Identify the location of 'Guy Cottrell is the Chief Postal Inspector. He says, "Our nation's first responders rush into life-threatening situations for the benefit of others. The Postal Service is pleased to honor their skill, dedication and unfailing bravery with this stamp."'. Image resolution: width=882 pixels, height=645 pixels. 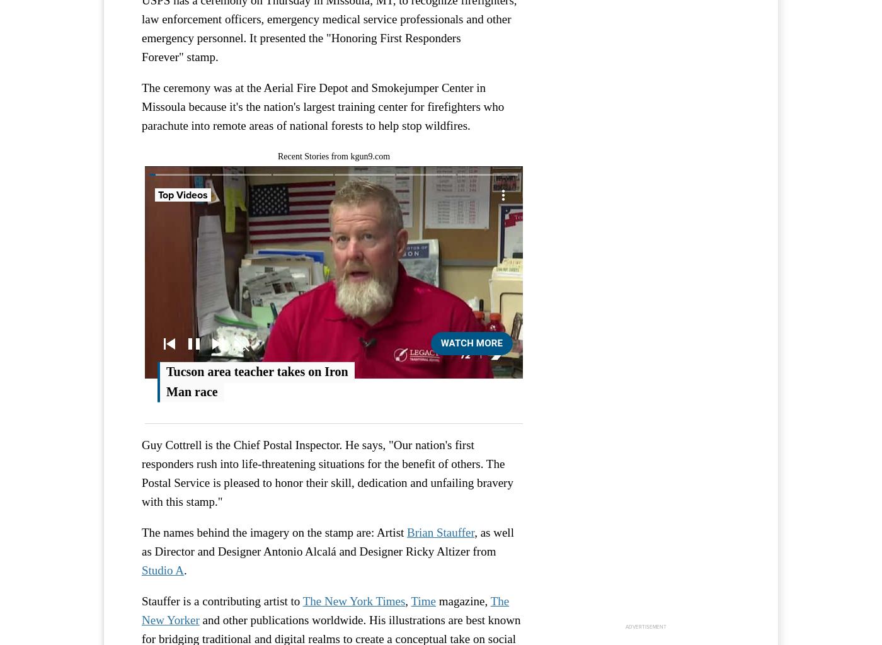
(327, 472).